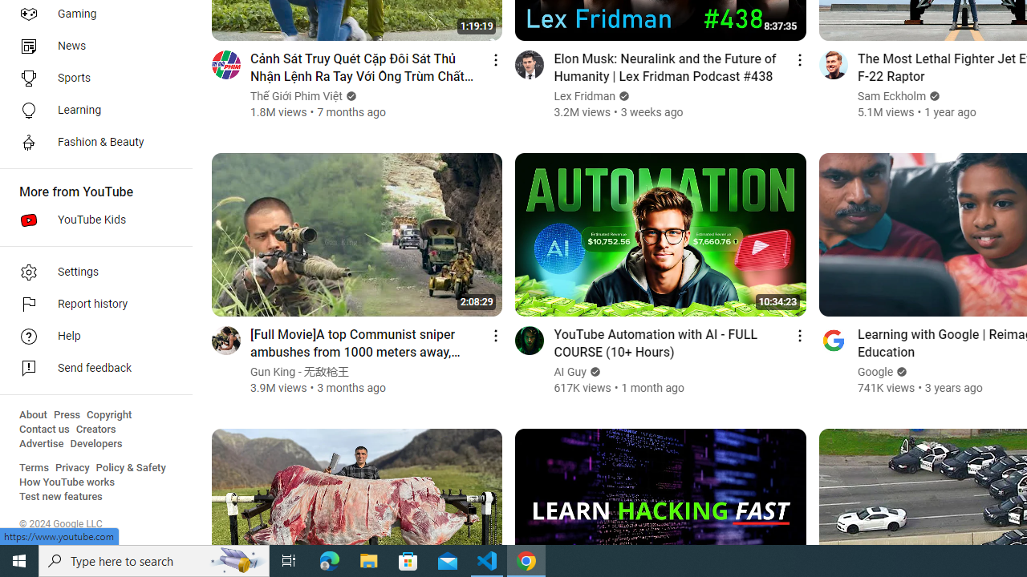 The image size is (1027, 577). Describe the element at coordinates (90, 141) in the screenshot. I see `'Fashion & Beauty'` at that location.